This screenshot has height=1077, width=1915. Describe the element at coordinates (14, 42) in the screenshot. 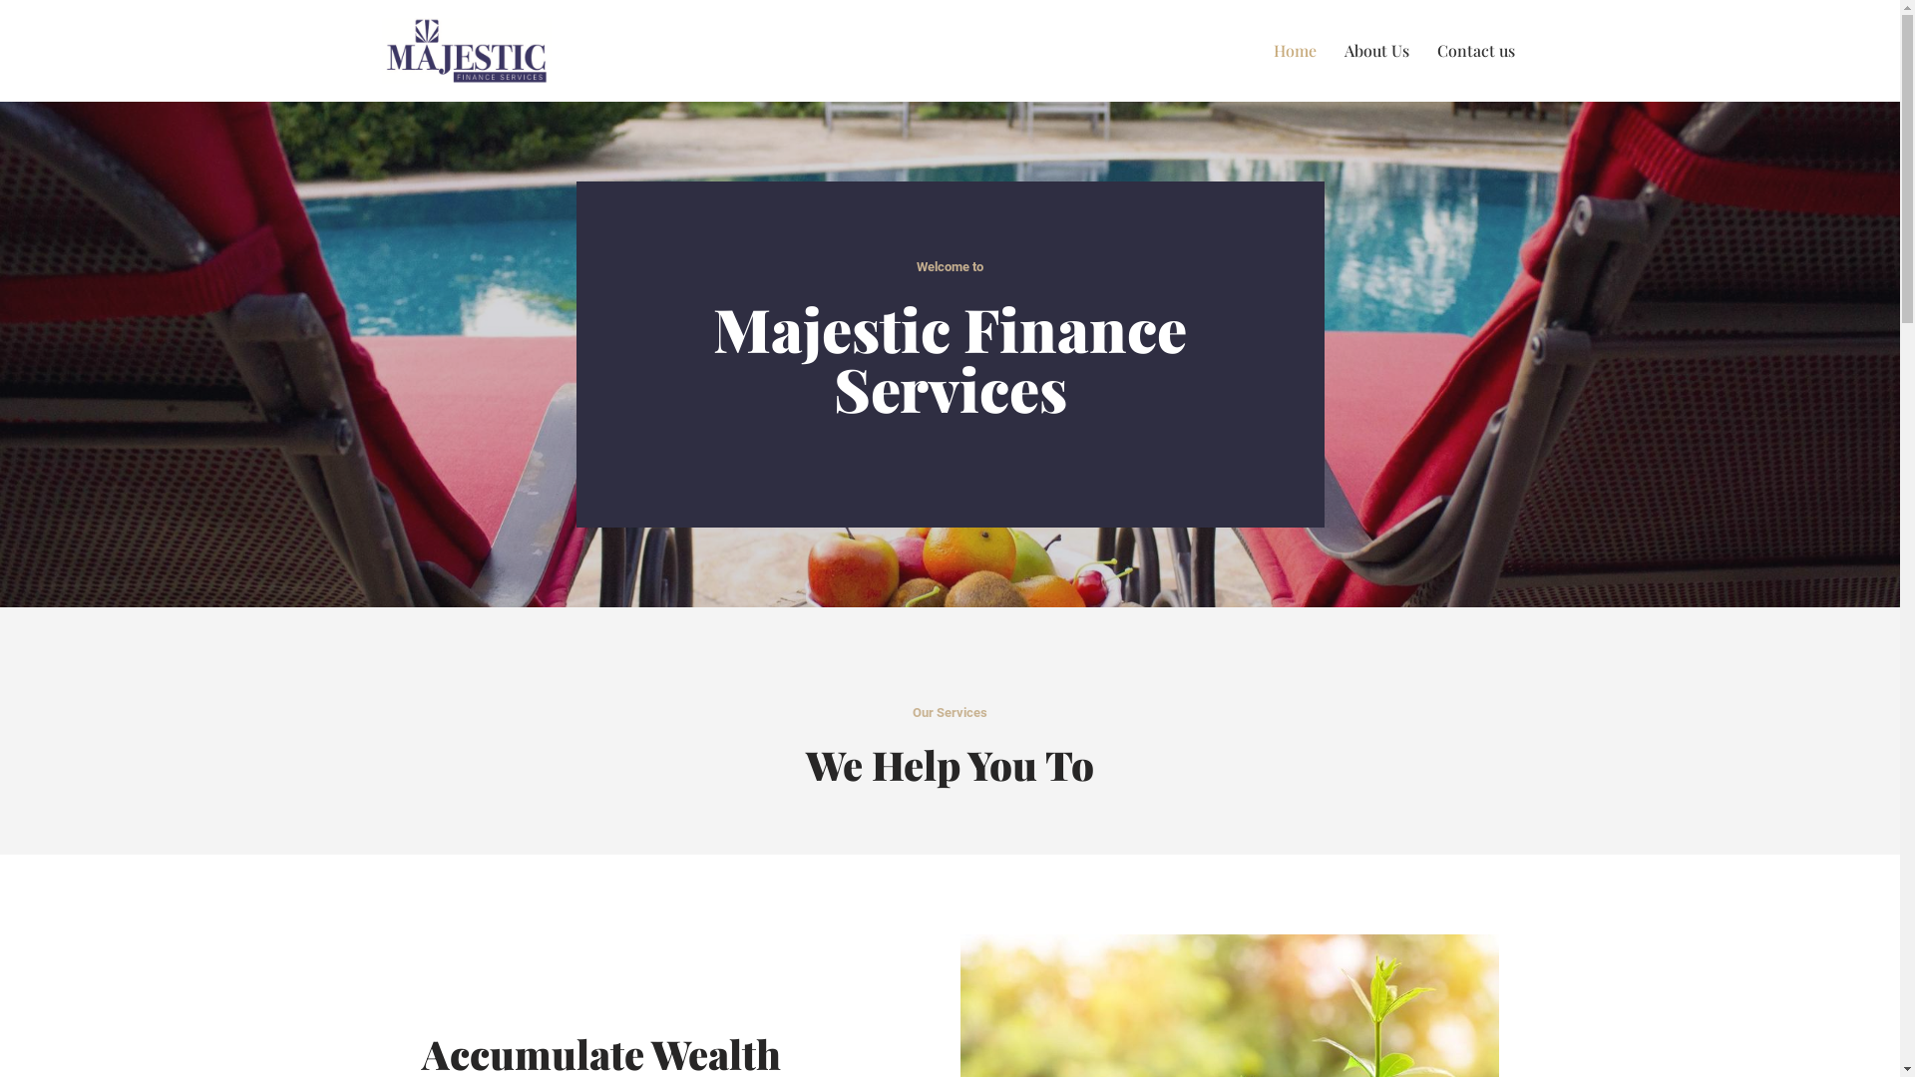

I see `'Skip to content'` at that location.